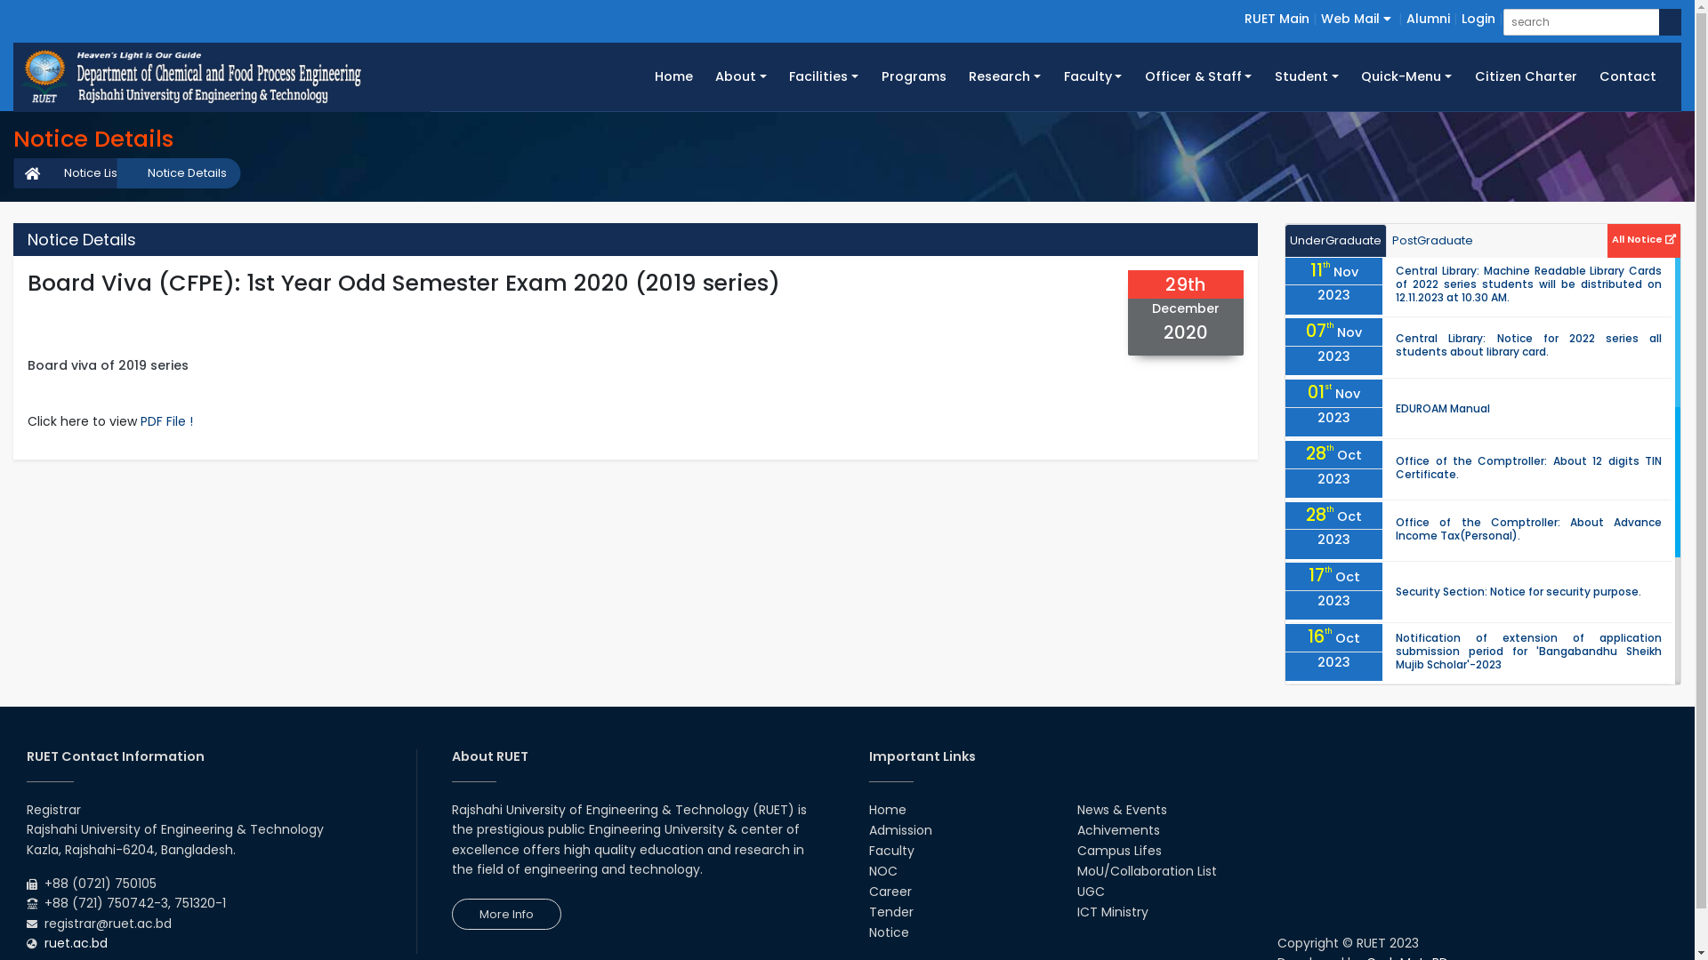 The width and height of the screenshot is (1708, 960). Describe the element at coordinates (75, 941) in the screenshot. I see `'ruet.ac.bd'` at that location.